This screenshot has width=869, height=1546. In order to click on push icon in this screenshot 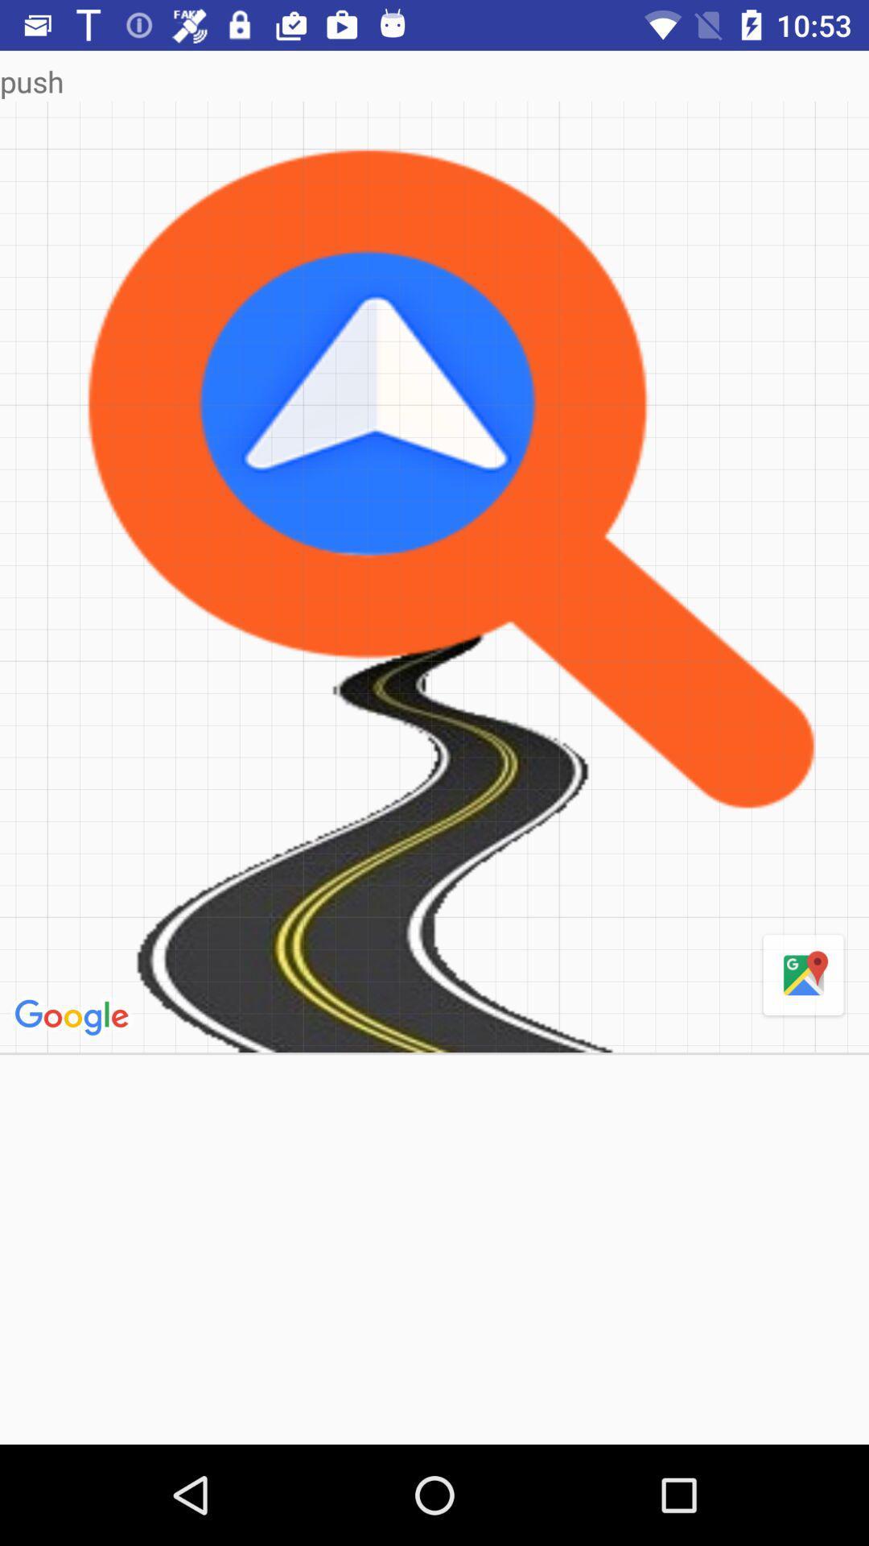, I will do `click(434, 81)`.